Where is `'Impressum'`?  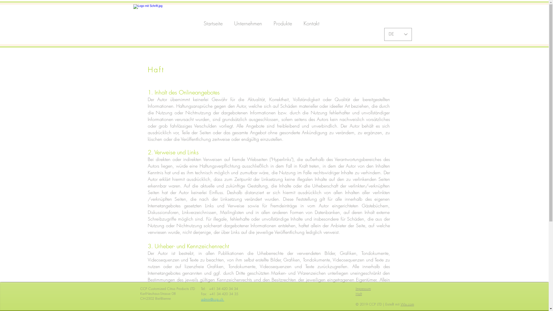 'Impressum' is located at coordinates (355, 289).